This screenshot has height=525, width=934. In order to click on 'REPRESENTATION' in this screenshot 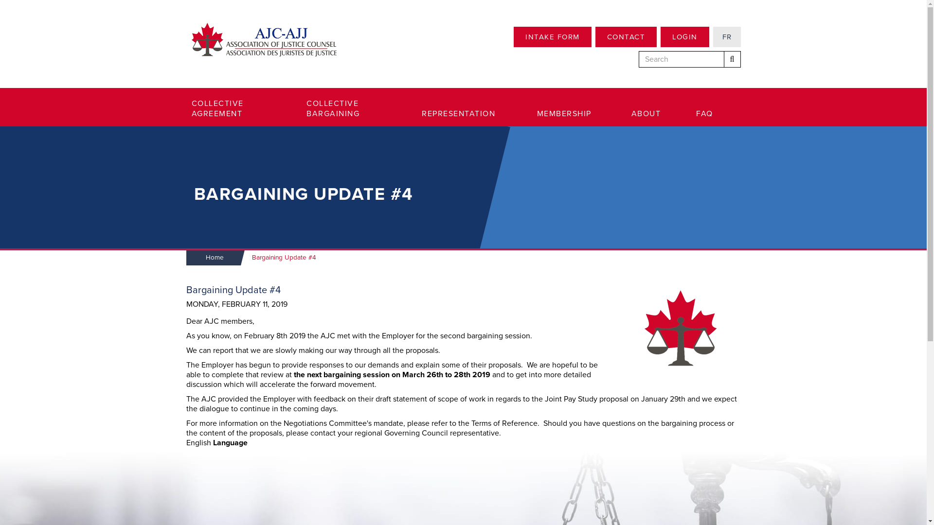, I will do `click(422, 113)`.